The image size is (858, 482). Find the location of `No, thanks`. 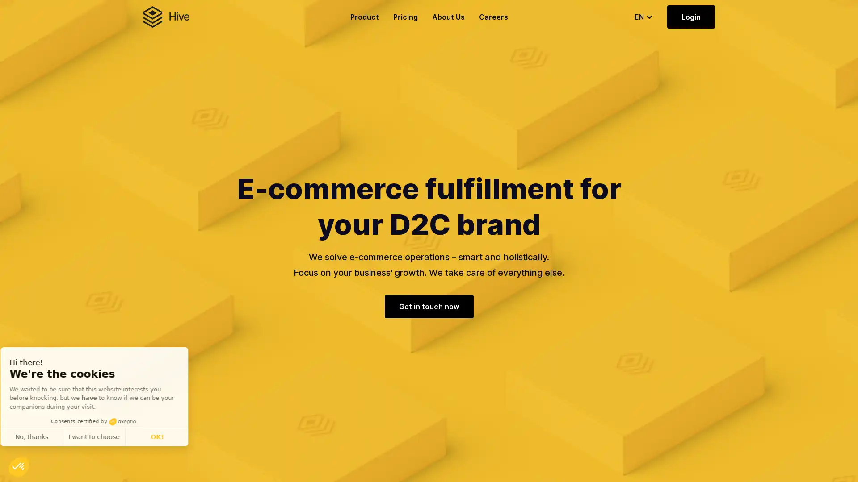

No, thanks is located at coordinates (40, 436).